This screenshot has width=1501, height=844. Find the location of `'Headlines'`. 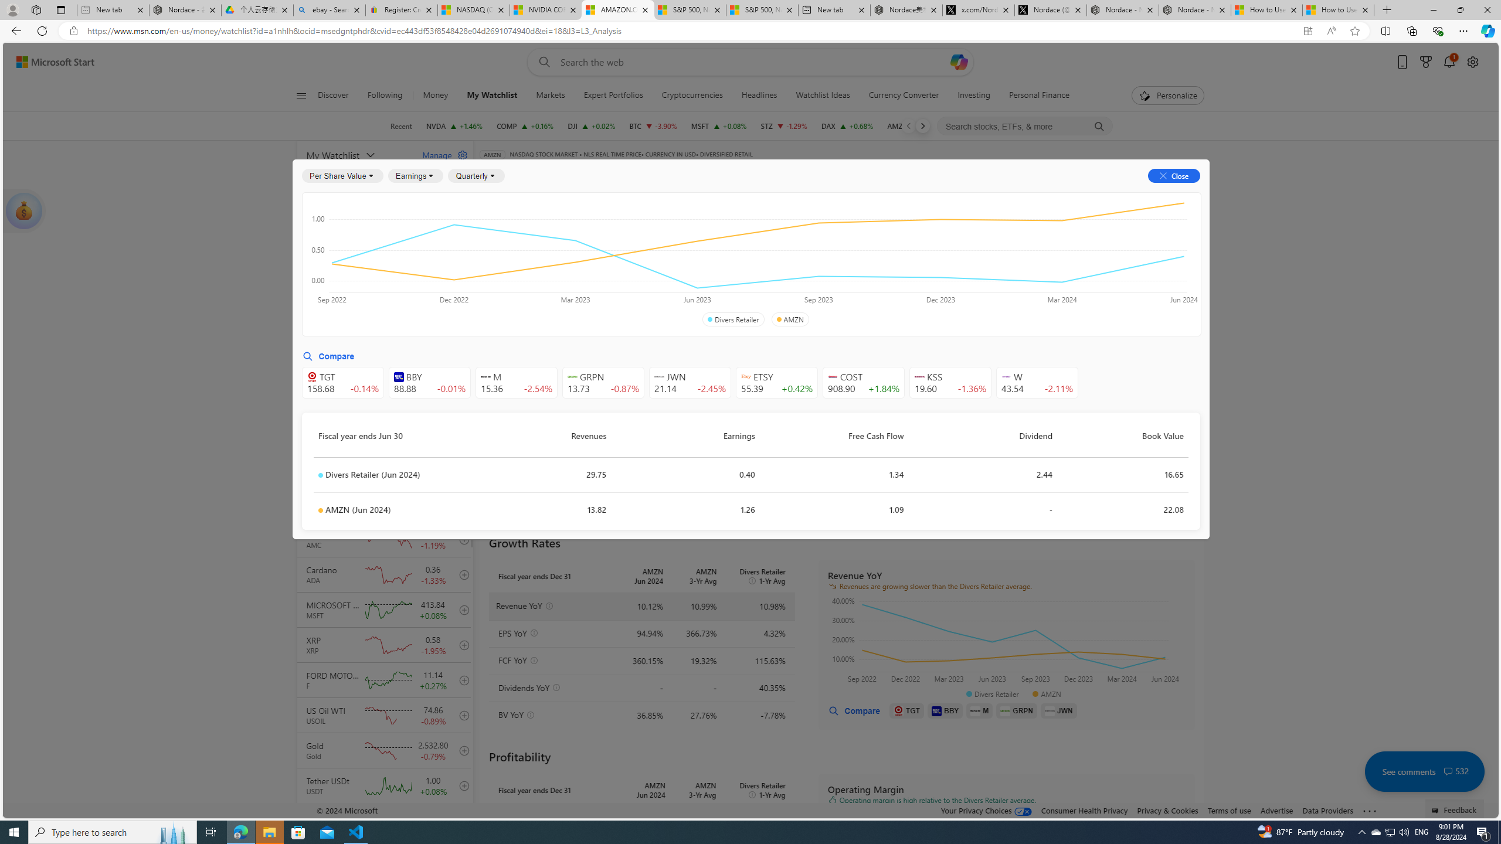

'Headlines' is located at coordinates (759, 95).